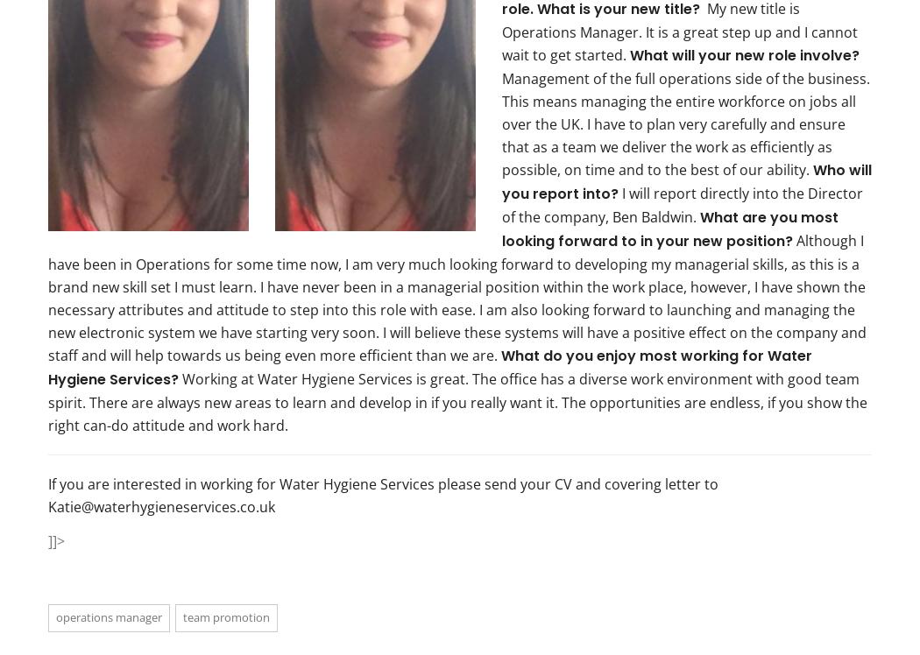 This screenshot has height=655, width=920. Describe the element at coordinates (428, 367) in the screenshot. I see `'What do you enjoy most working for Water Hygiene Services?'` at that location.